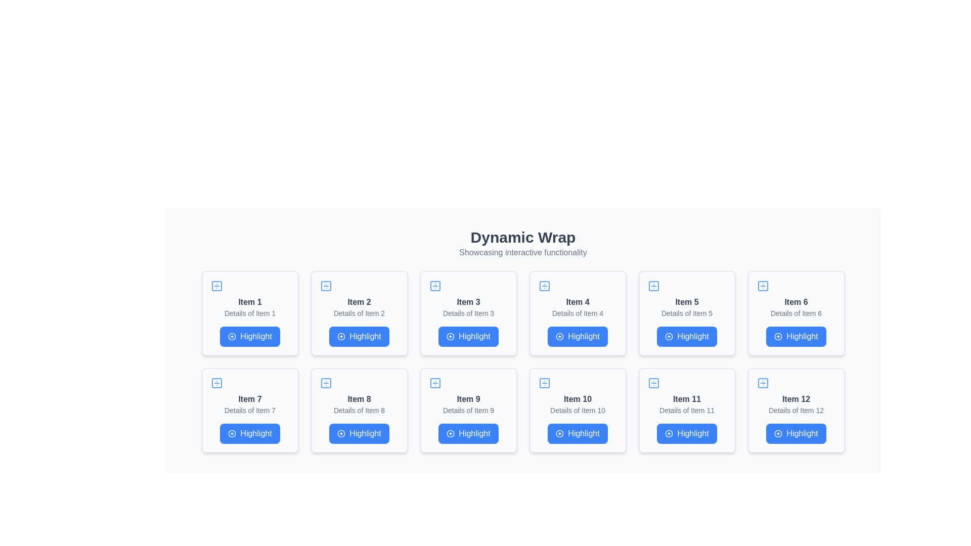  Describe the element at coordinates (796, 301) in the screenshot. I see `text displayed as 'Item 6' in a bold gray font, located in the card positioned in the second row and third column of the grid layout` at that location.